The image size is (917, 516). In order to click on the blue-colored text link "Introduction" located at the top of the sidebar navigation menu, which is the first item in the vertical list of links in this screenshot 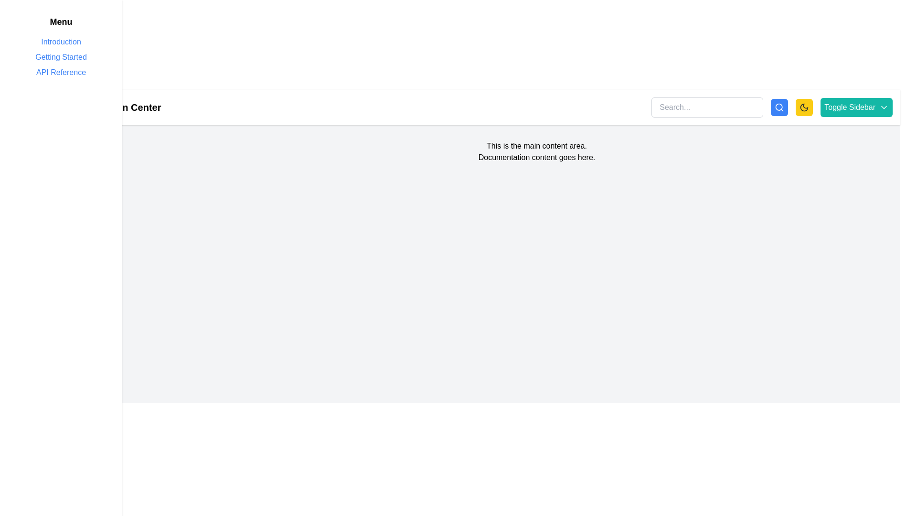, I will do `click(61, 42)`.